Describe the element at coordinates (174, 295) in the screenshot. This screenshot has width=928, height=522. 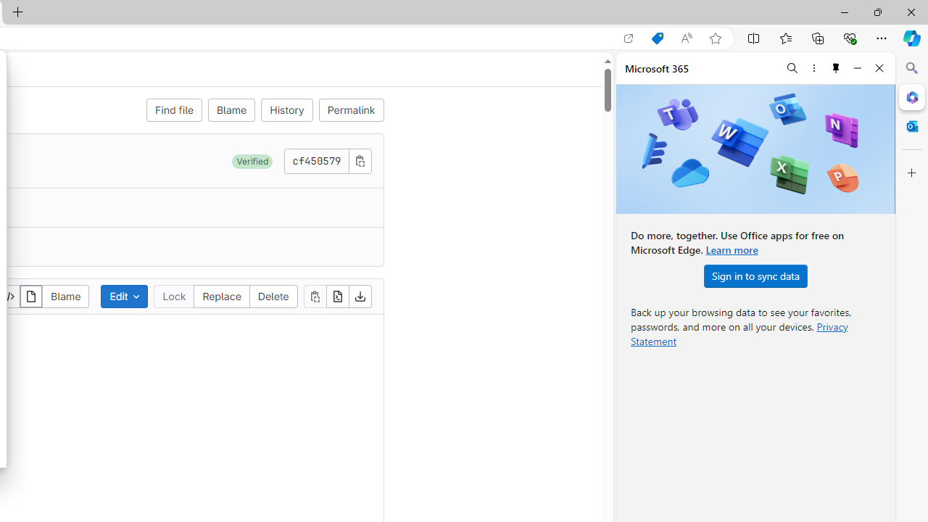
I see `'Lock'` at that location.